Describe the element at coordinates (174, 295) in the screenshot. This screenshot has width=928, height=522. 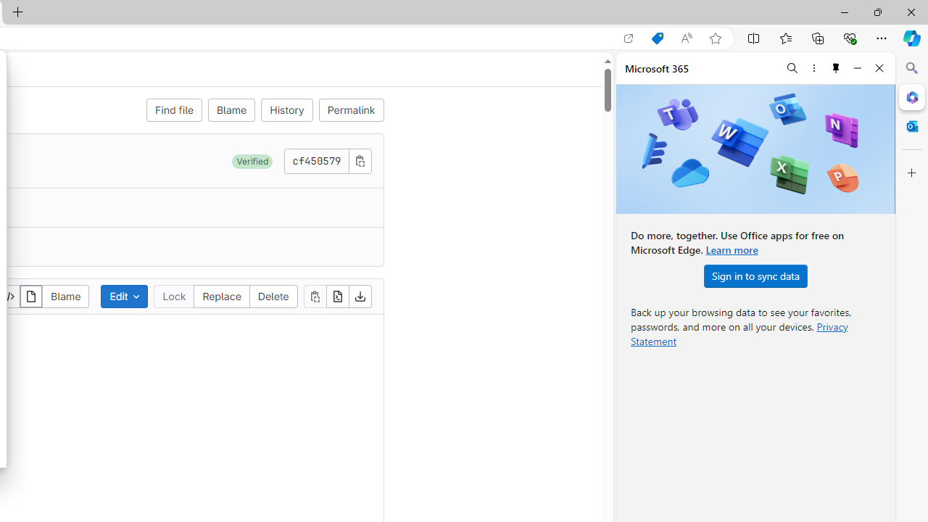
I see `'Lock'` at that location.